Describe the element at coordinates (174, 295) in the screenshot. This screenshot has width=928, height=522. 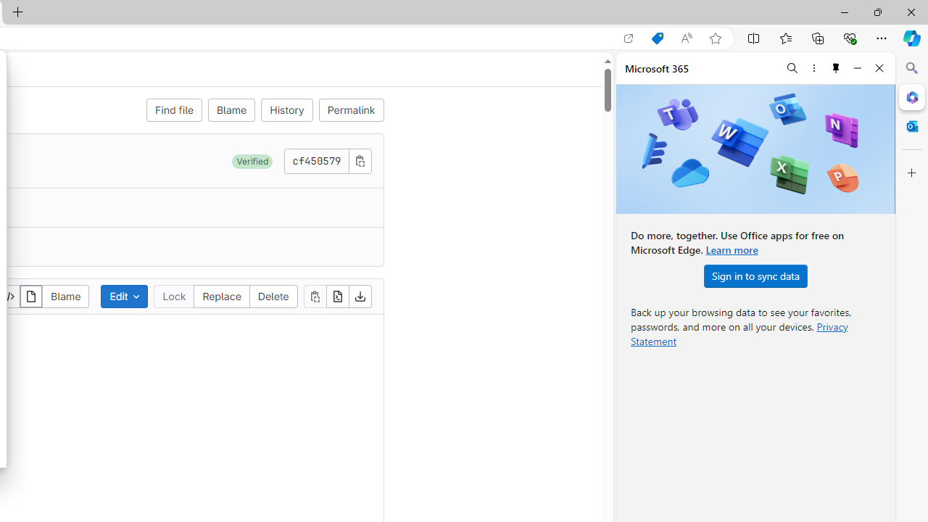
I see `'Lock'` at that location.